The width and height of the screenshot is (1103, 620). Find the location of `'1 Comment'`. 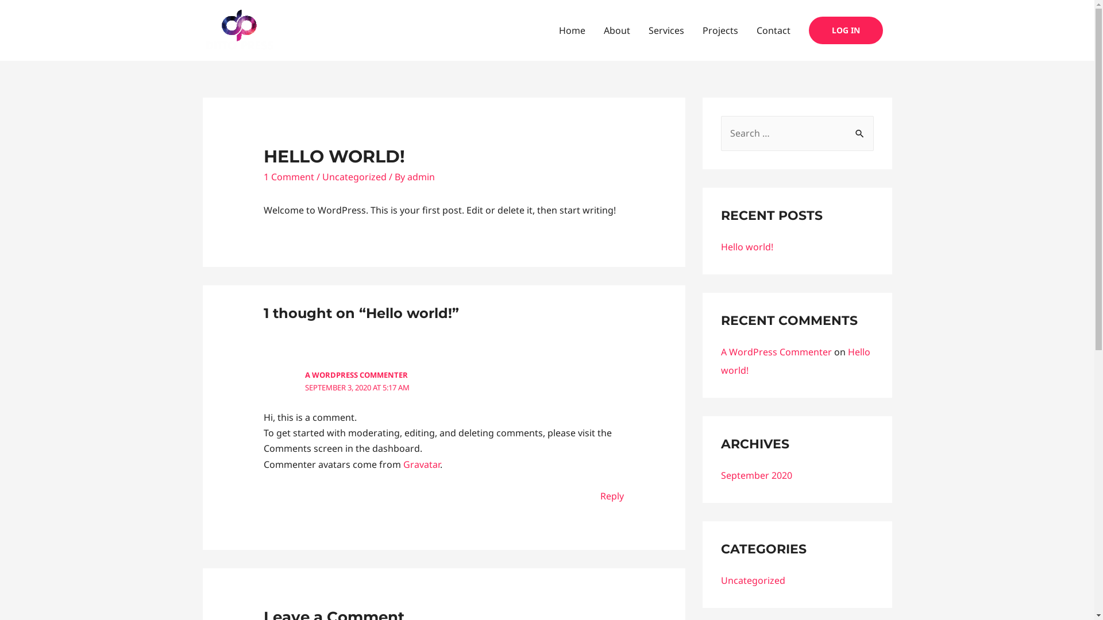

'1 Comment' is located at coordinates (289, 177).